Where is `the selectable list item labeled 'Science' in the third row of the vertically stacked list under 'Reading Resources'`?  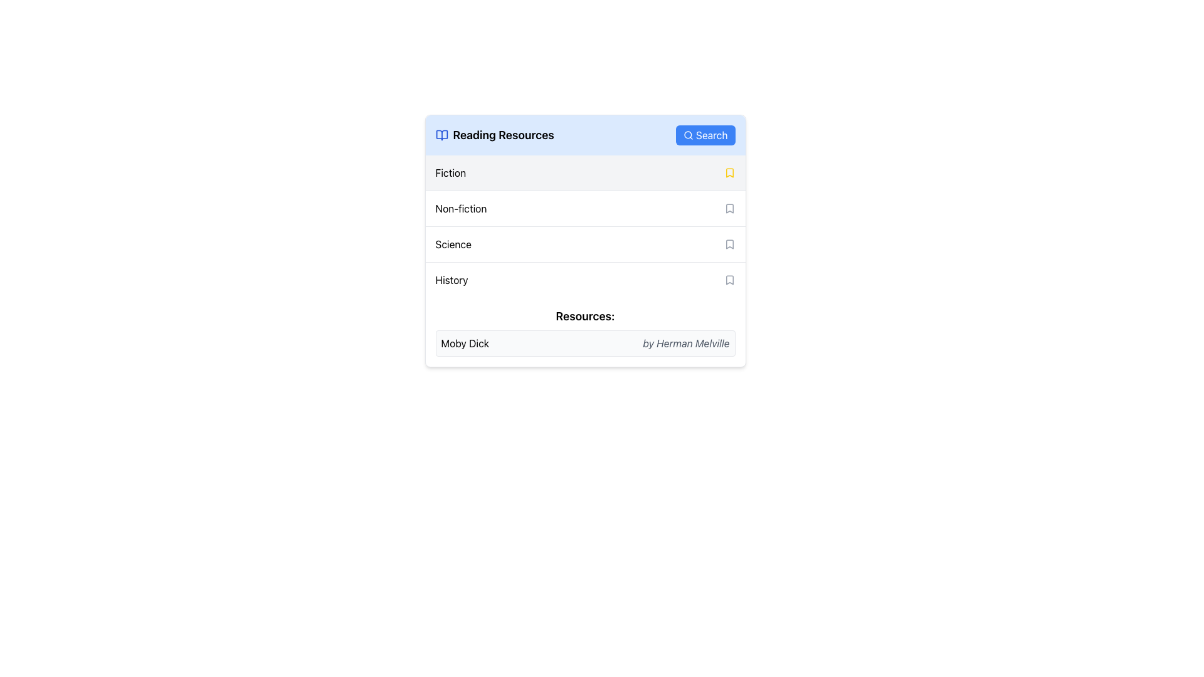 the selectable list item labeled 'Science' in the third row of the vertically stacked list under 'Reading Resources' is located at coordinates (584, 244).